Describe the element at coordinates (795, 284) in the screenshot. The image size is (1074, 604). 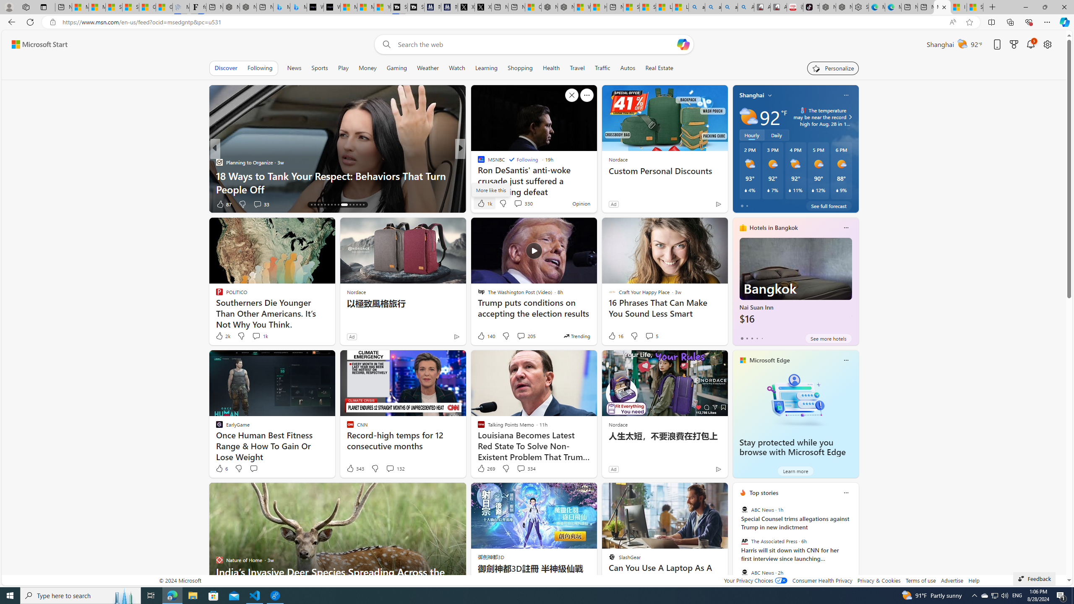
I see `'Nai Suan Inn'` at that location.